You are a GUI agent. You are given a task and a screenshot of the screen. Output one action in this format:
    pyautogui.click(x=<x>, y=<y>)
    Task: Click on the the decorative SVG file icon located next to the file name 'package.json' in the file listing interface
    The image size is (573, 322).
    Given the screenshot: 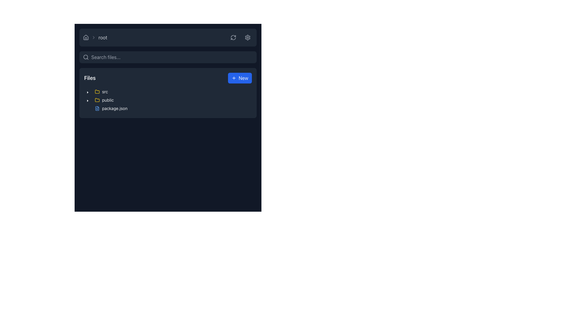 What is the action you would take?
    pyautogui.click(x=97, y=108)
    